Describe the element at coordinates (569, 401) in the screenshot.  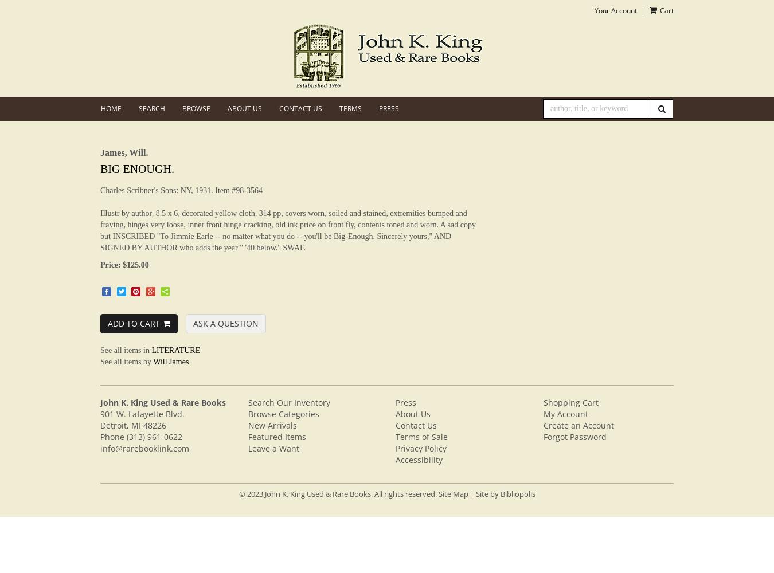
I see `'Shopping Cart'` at that location.